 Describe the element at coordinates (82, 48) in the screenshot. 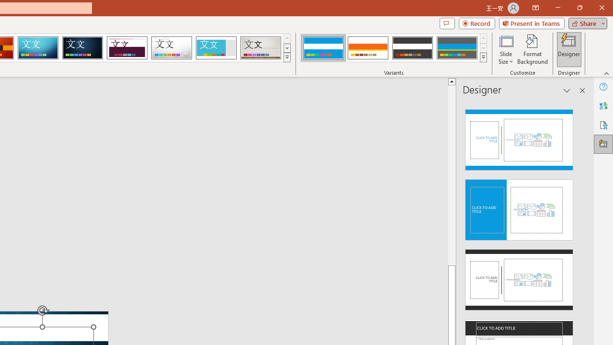

I see `'Damask'` at that location.